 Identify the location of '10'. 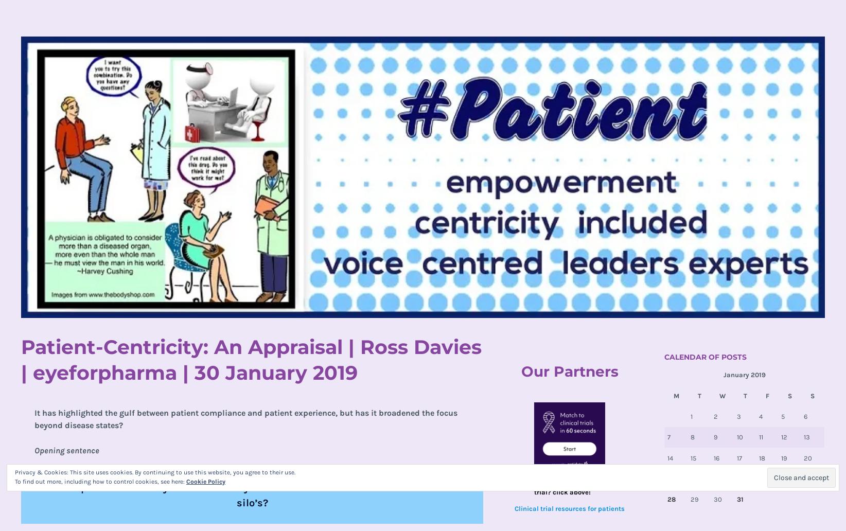
(739, 437).